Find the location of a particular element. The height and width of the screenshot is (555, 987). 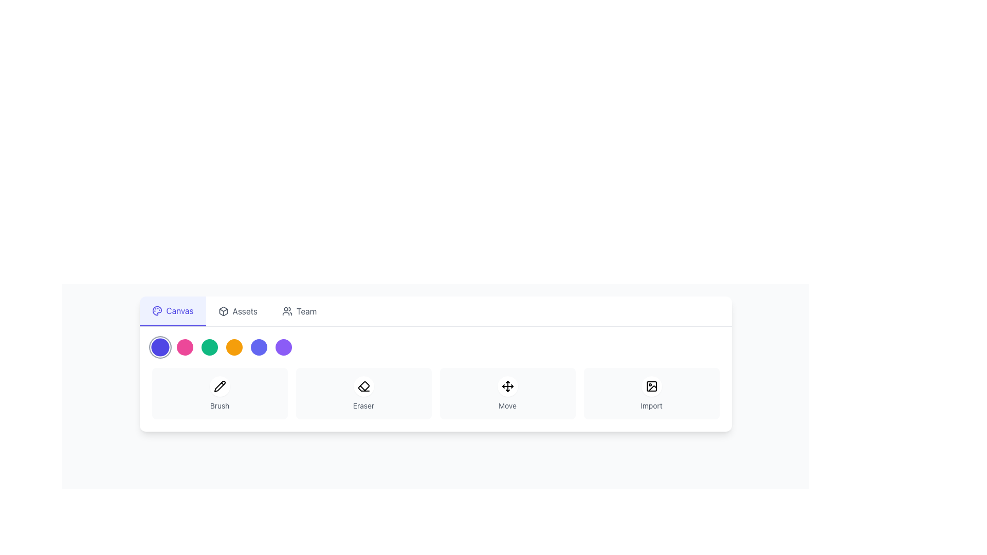

the 'Brush' tool icon located in the center of the button in the toolbar is located at coordinates (219, 386).